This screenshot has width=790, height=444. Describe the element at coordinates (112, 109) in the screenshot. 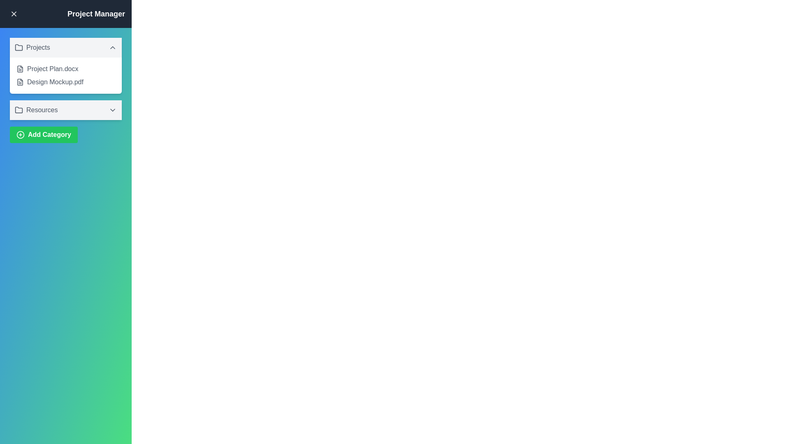

I see `the chevron-oriented toggle icon next to the 'Resources' label` at that location.